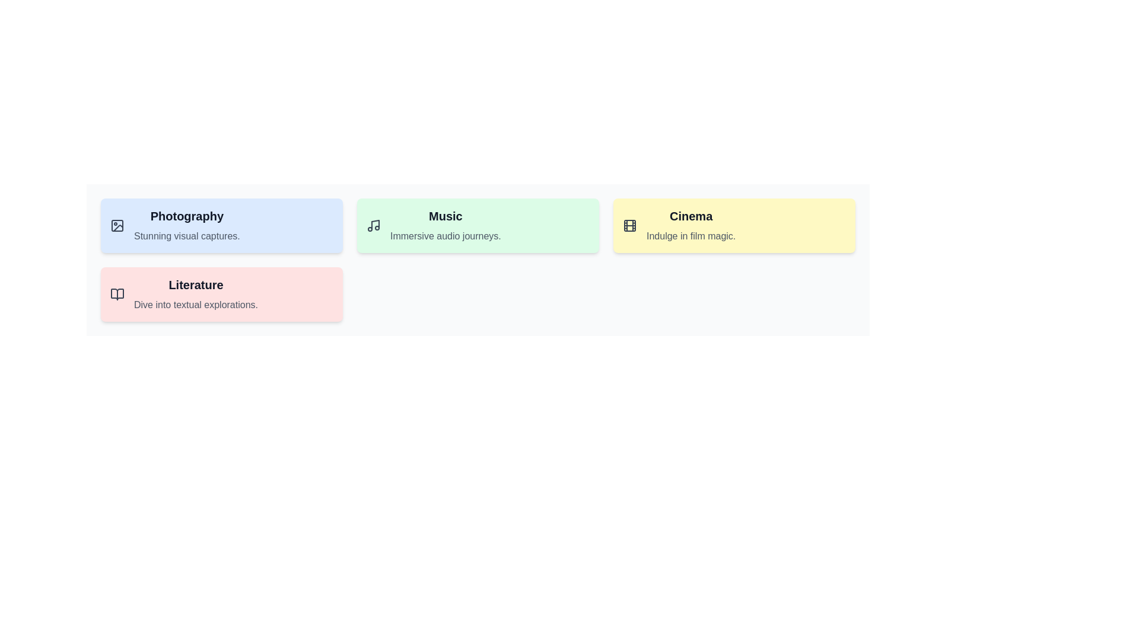  What do you see at coordinates (629, 226) in the screenshot?
I see `the central rectangular decorative graphical element within the film reel icon representing the 'Cinema' section` at bounding box center [629, 226].